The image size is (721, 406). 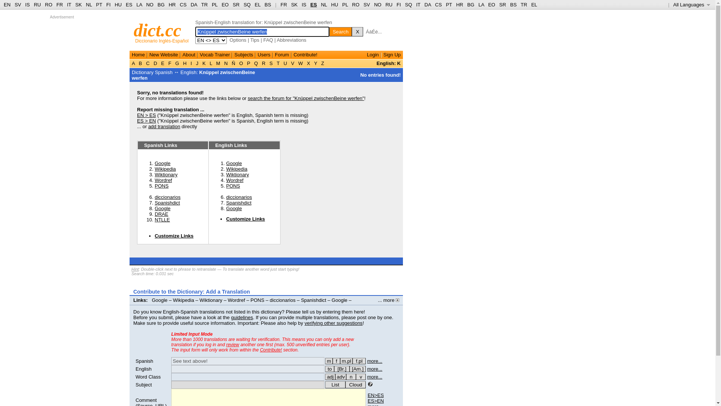 I want to click on 'Spanishdict', so click(x=238, y=202).